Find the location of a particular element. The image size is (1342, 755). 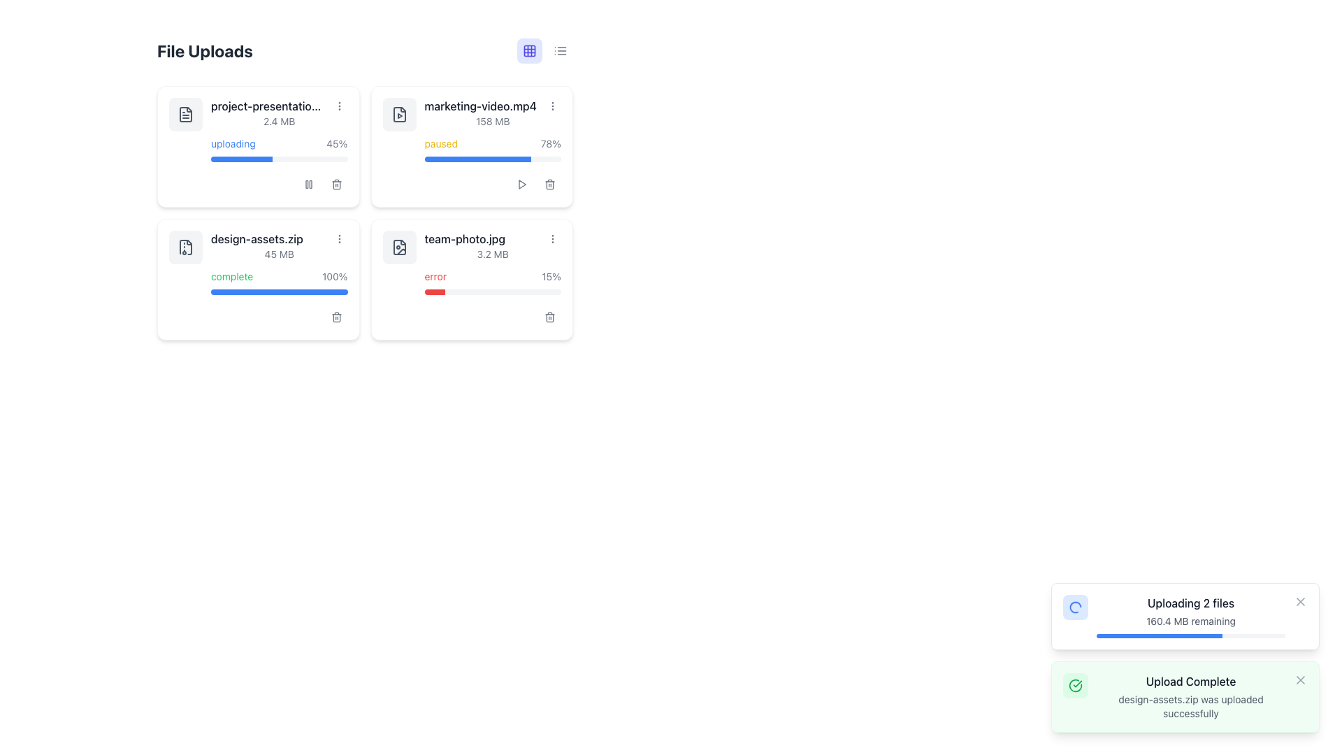

the vertical ellipsis button (more options icon) located in the right-most portion of the 'marketing-video.mp4' file row is located at coordinates (552, 105).